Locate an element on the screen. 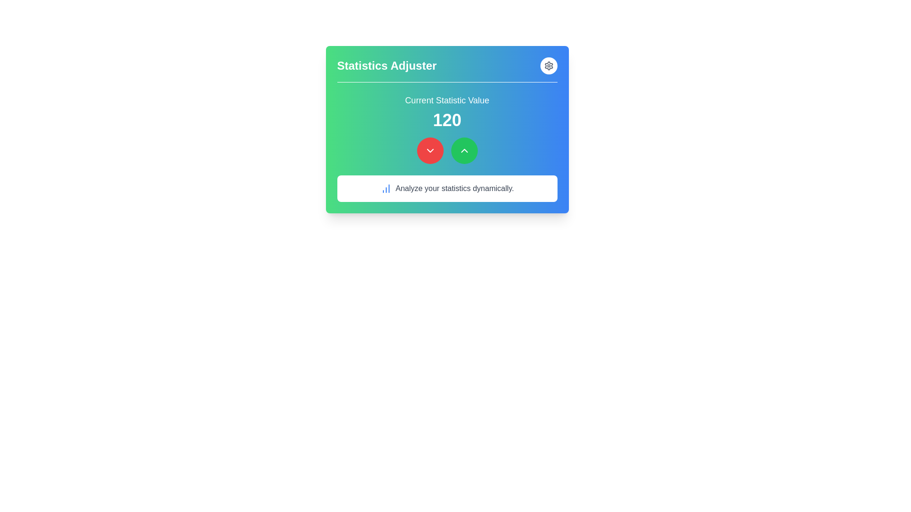 This screenshot has width=911, height=512. the chevron icon inside the circular red button below the numeric display of '120' for navigation support is located at coordinates (429, 150).